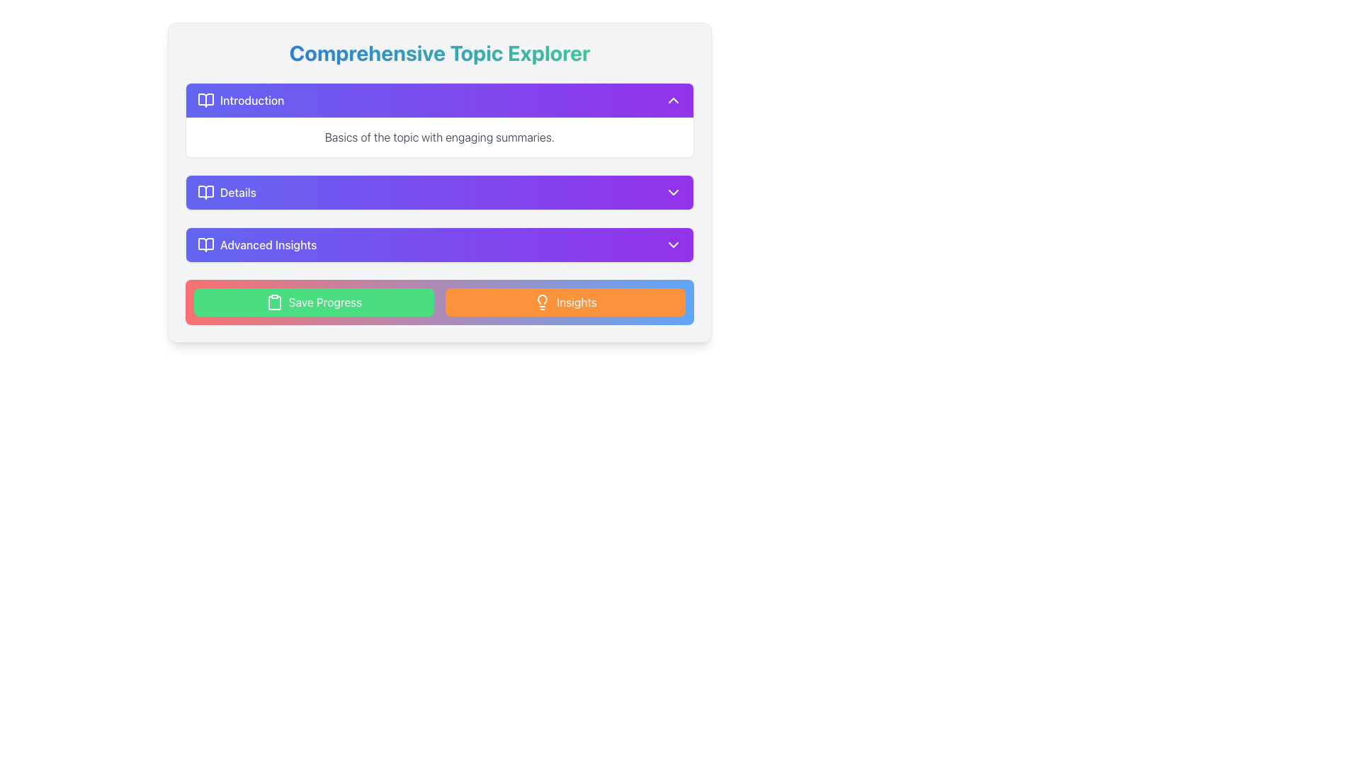 This screenshot has height=765, width=1360. What do you see at coordinates (274, 302) in the screenshot?
I see `the clipboard icon located within the 'Save Progress' button, positioned towards the left end next to the text` at bounding box center [274, 302].